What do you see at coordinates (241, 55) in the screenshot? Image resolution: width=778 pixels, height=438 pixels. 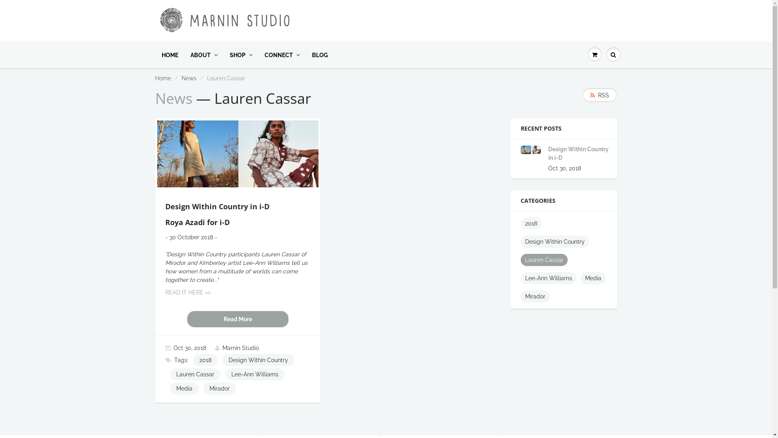 I see `'SHOP'` at bounding box center [241, 55].